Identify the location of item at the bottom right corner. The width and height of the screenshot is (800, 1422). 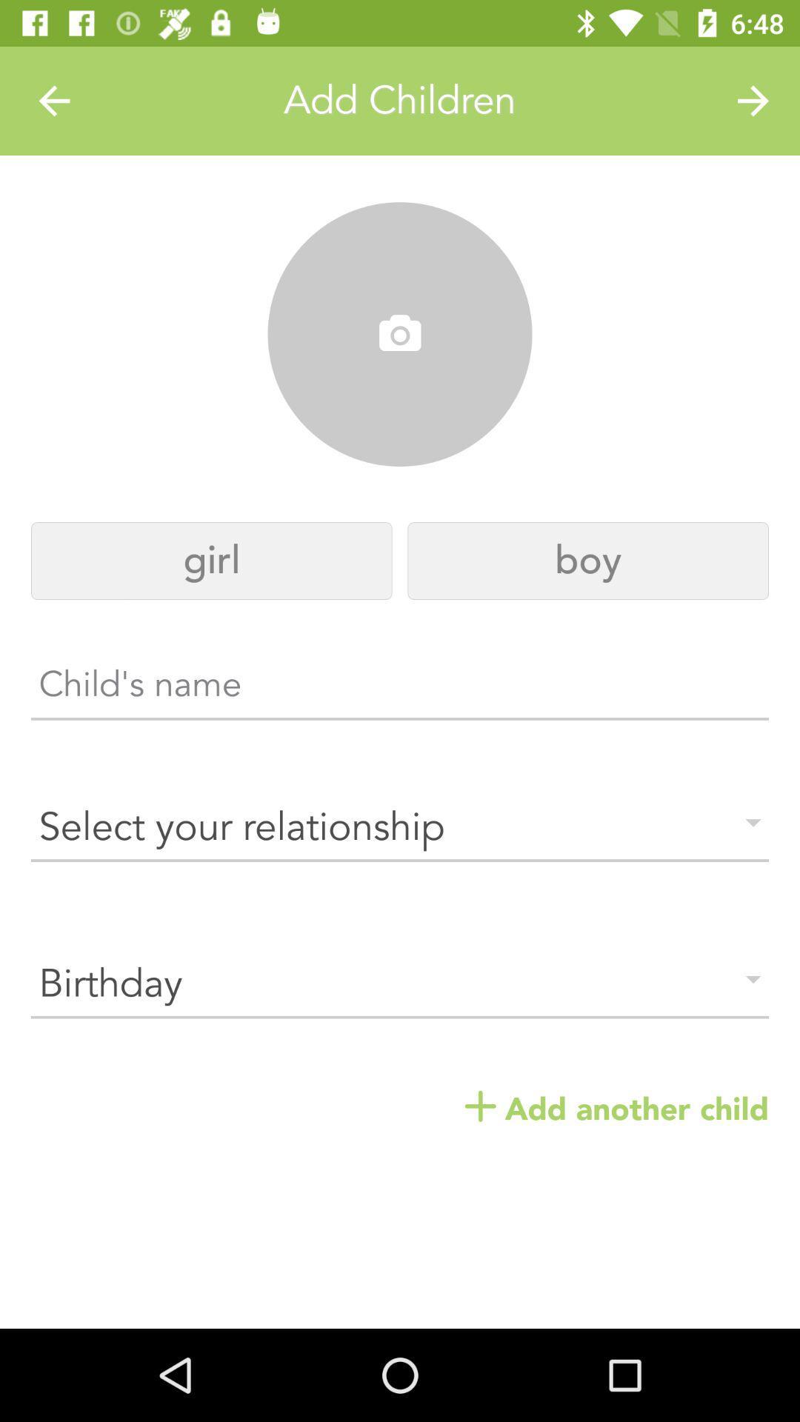
(616, 1109).